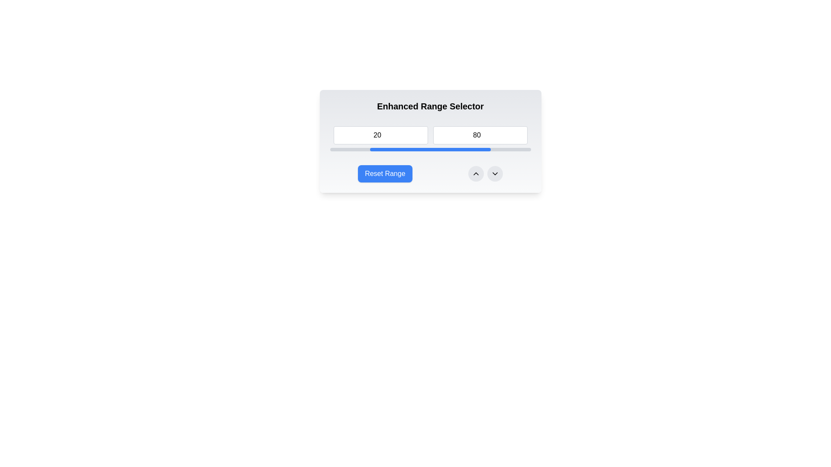 This screenshot has width=831, height=467. I want to click on downward-pointing chevron icon located inside the circular button at the bottom-right of the card for its properties, so click(495, 173).